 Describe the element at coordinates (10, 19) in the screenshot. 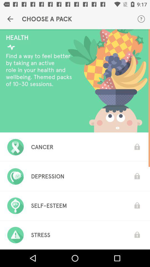

I see `the icon to the left of the choose a pack` at that location.